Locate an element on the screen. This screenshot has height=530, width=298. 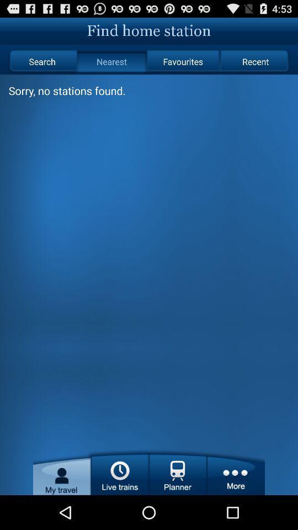
item below the sorry no stations app is located at coordinates (62, 471).